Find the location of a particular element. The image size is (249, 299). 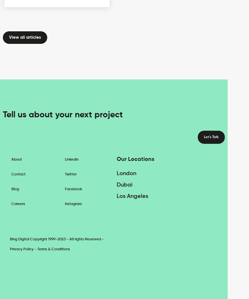

'Our Locations' is located at coordinates (135, 159).